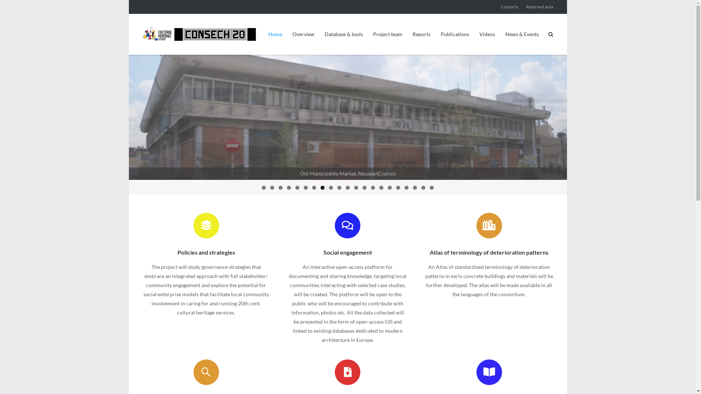 This screenshot has width=701, height=394. Describe the element at coordinates (272, 187) in the screenshot. I see `'2'` at that location.